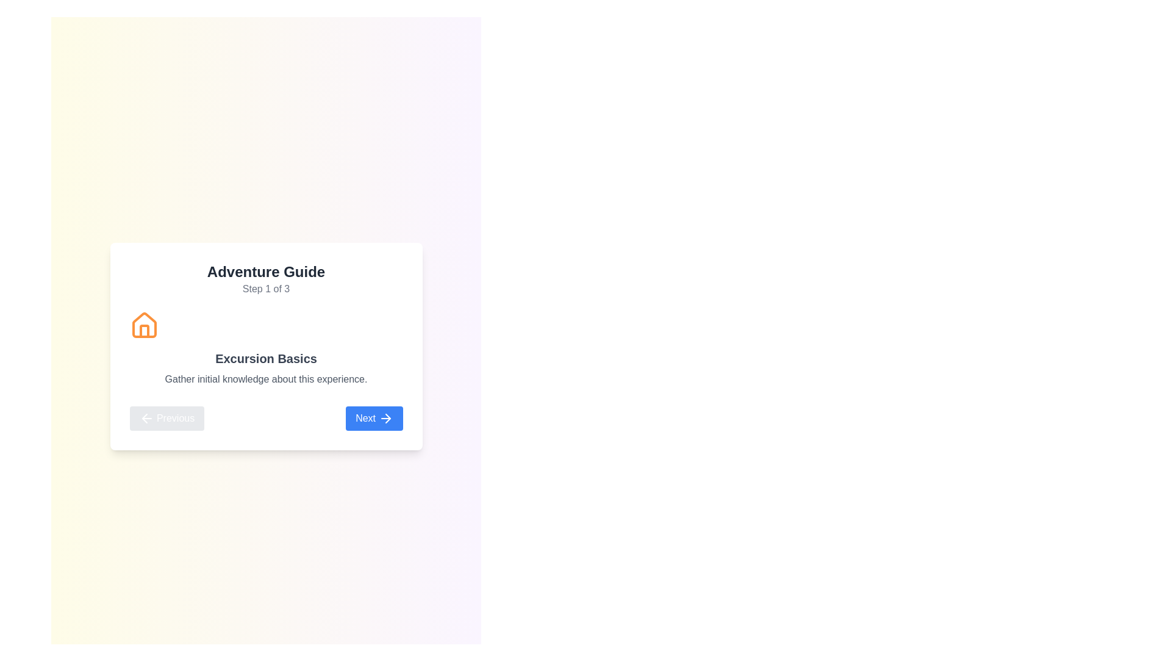 This screenshot has width=1171, height=659. Describe the element at coordinates (387, 418) in the screenshot. I see `the right-pointing arrow icon within the blue 'Next' button to proceed` at that location.